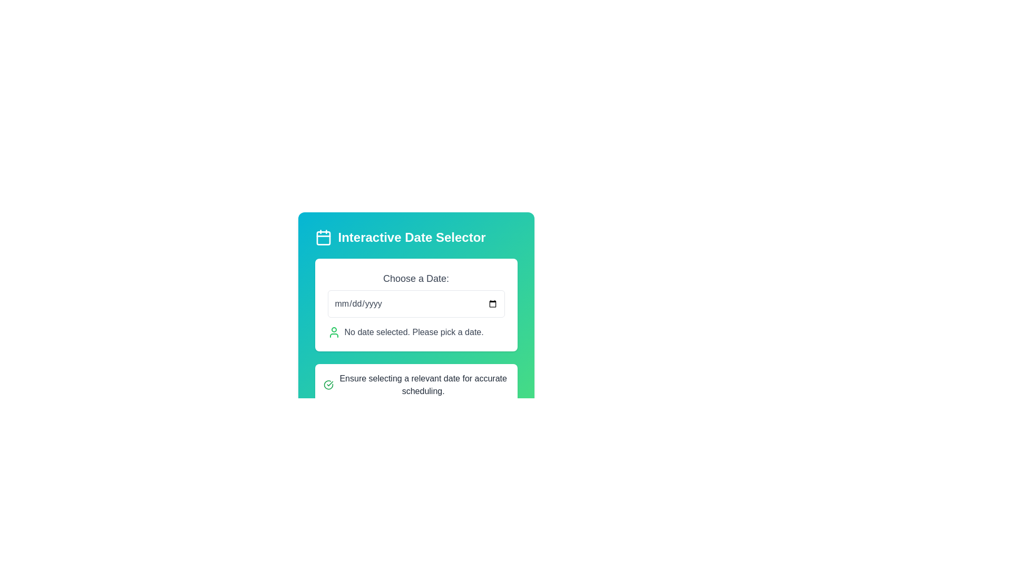 Image resolution: width=1012 pixels, height=569 pixels. What do you see at coordinates (323, 238) in the screenshot?
I see `the Calendar icon located to the left of the 'Interactive Date Selector' text` at bounding box center [323, 238].